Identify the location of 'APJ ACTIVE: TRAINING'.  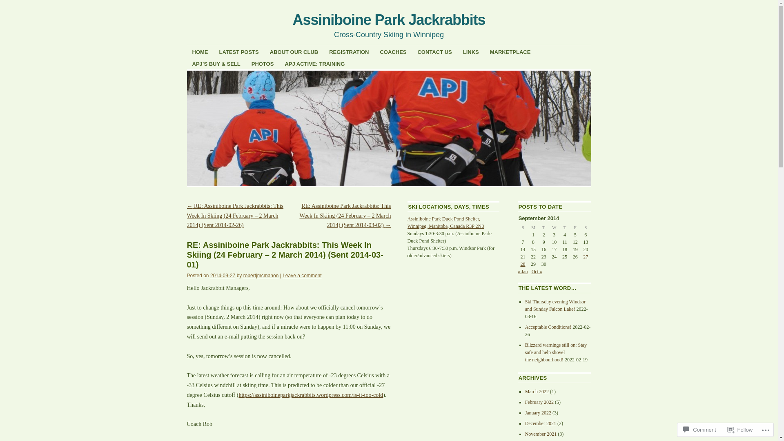
(314, 63).